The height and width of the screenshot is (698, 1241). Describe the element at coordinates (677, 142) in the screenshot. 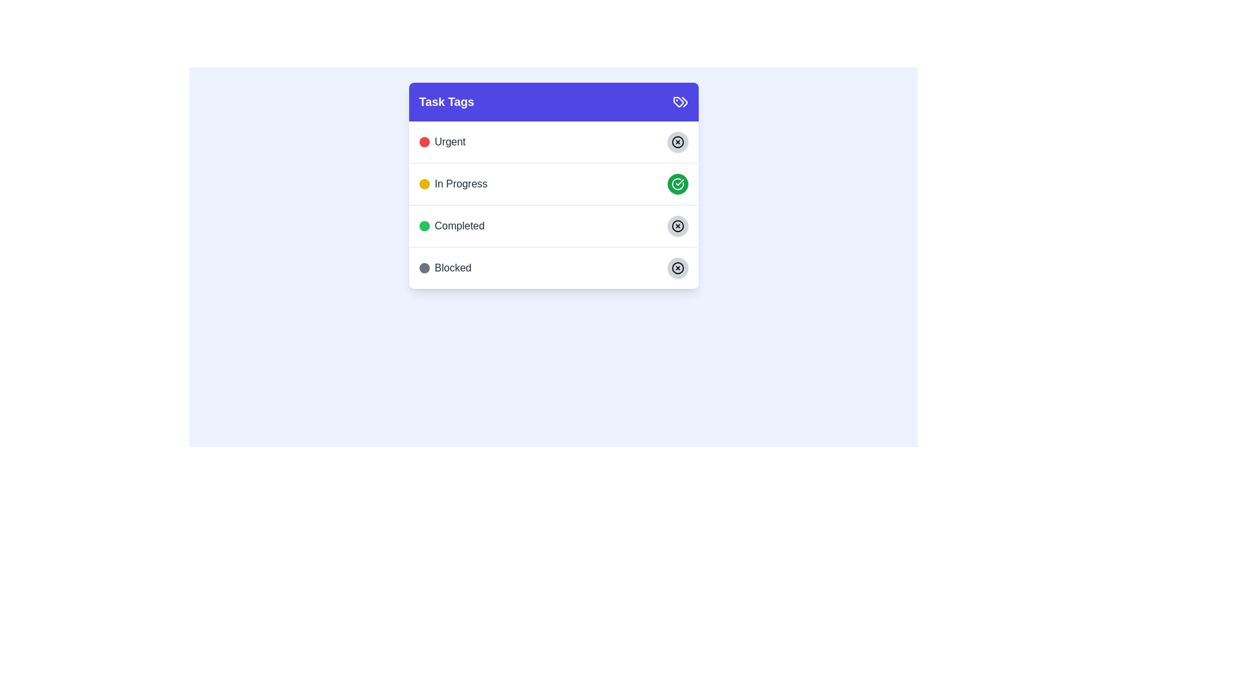

I see `the delete or close icon button located at the top-right part of the 'Urgent' task item in the task tags card` at that location.